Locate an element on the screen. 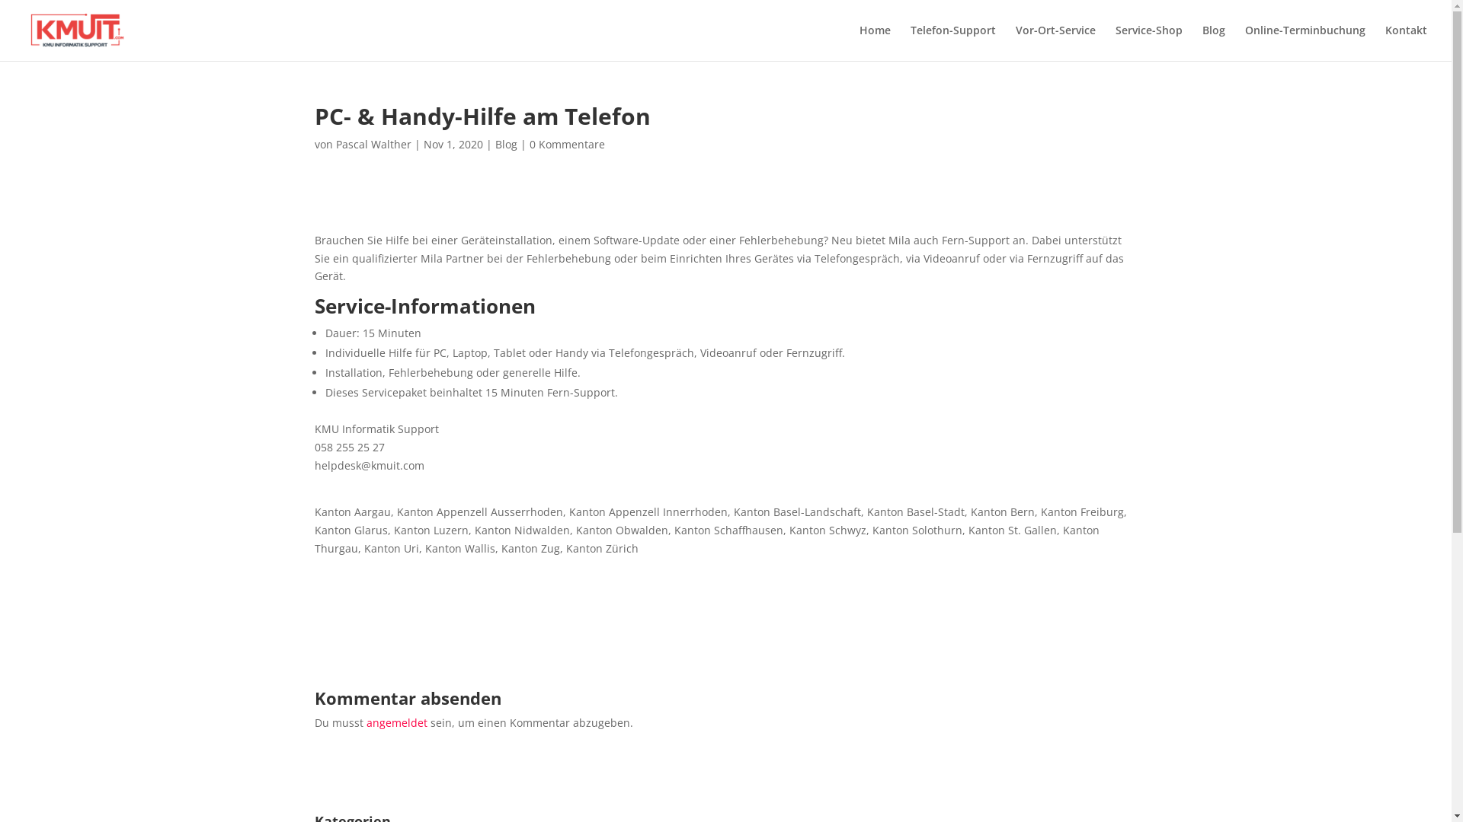 Image resolution: width=1463 pixels, height=822 pixels. 'Blog' is located at coordinates (1213, 42).